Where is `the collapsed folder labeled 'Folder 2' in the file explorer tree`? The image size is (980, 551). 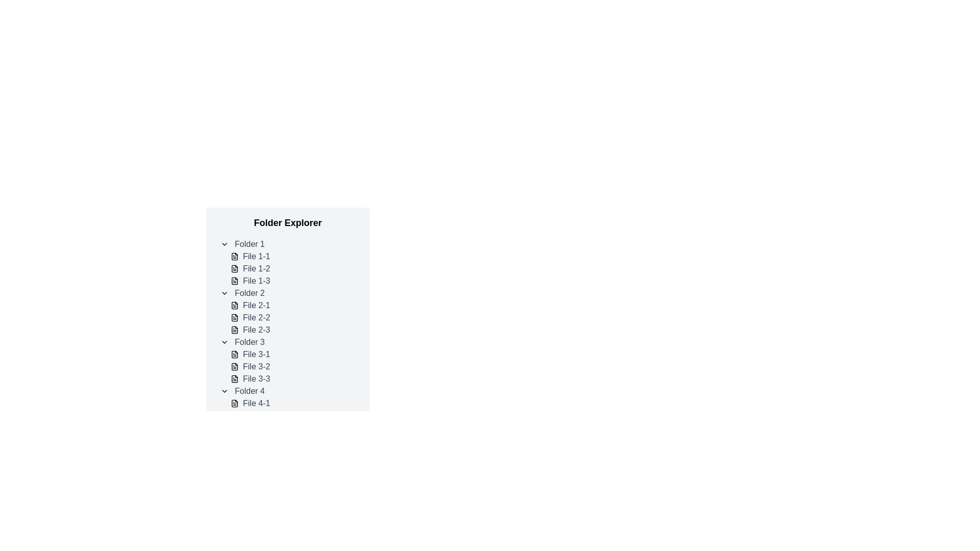 the collapsed folder labeled 'Folder 2' in the file explorer tree is located at coordinates (287, 311).